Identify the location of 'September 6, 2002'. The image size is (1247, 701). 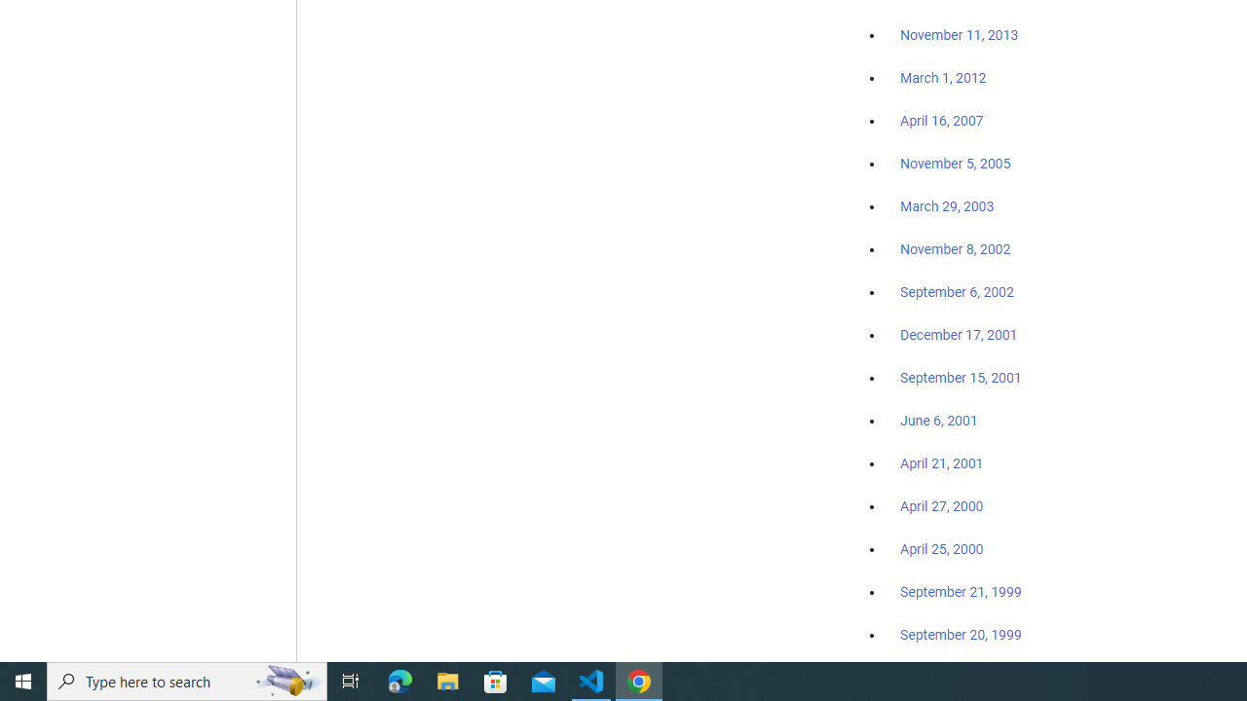
(957, 291).